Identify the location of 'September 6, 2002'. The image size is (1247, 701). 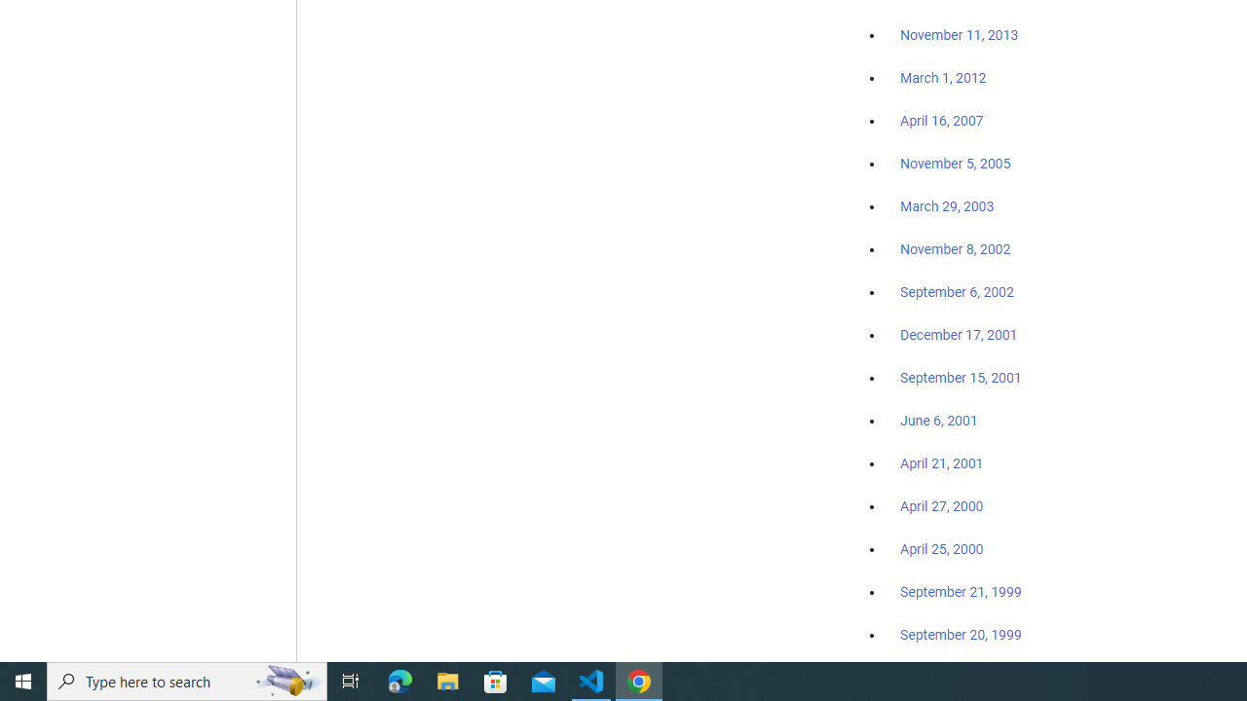
(957, 291).